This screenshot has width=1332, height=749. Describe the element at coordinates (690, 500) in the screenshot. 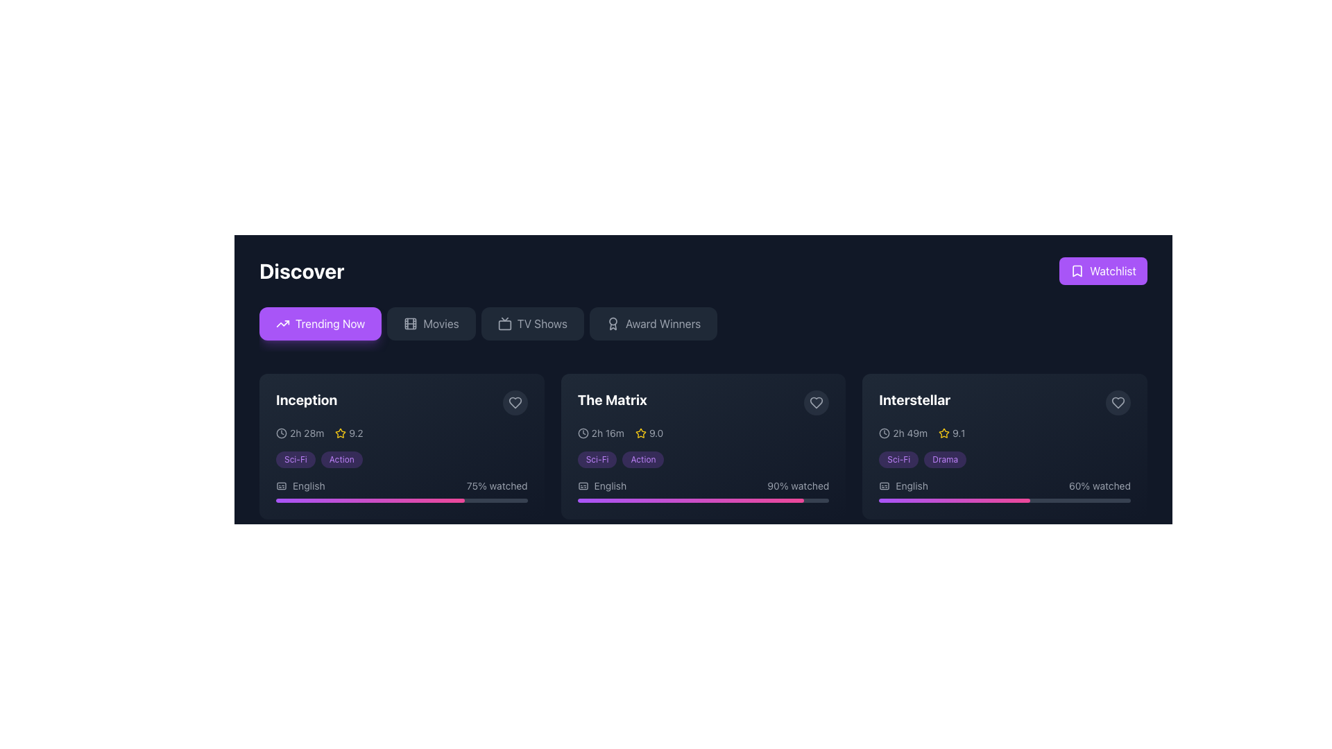

I see `the horizontal gradient progress indicator for the movie 'The Matrix', which transitions from purple to pink, indicating completion percentage` at that location.